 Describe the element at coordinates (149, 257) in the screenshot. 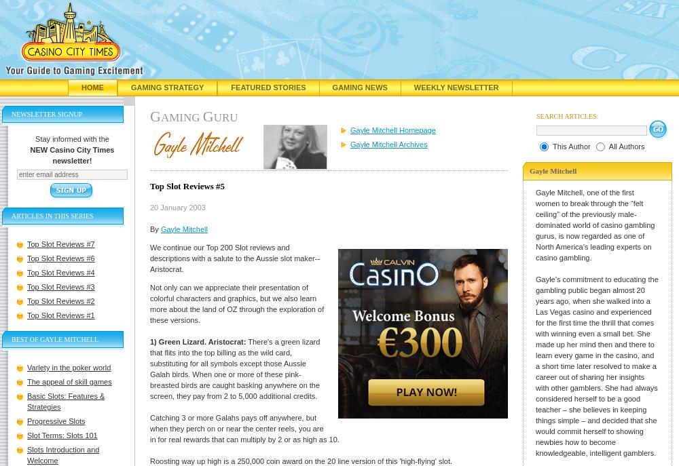

I see `'We continue our Top 200 Slot reviews and descriptions with a salute to the Aussie slot maker--Aristocrat.'` at that location.